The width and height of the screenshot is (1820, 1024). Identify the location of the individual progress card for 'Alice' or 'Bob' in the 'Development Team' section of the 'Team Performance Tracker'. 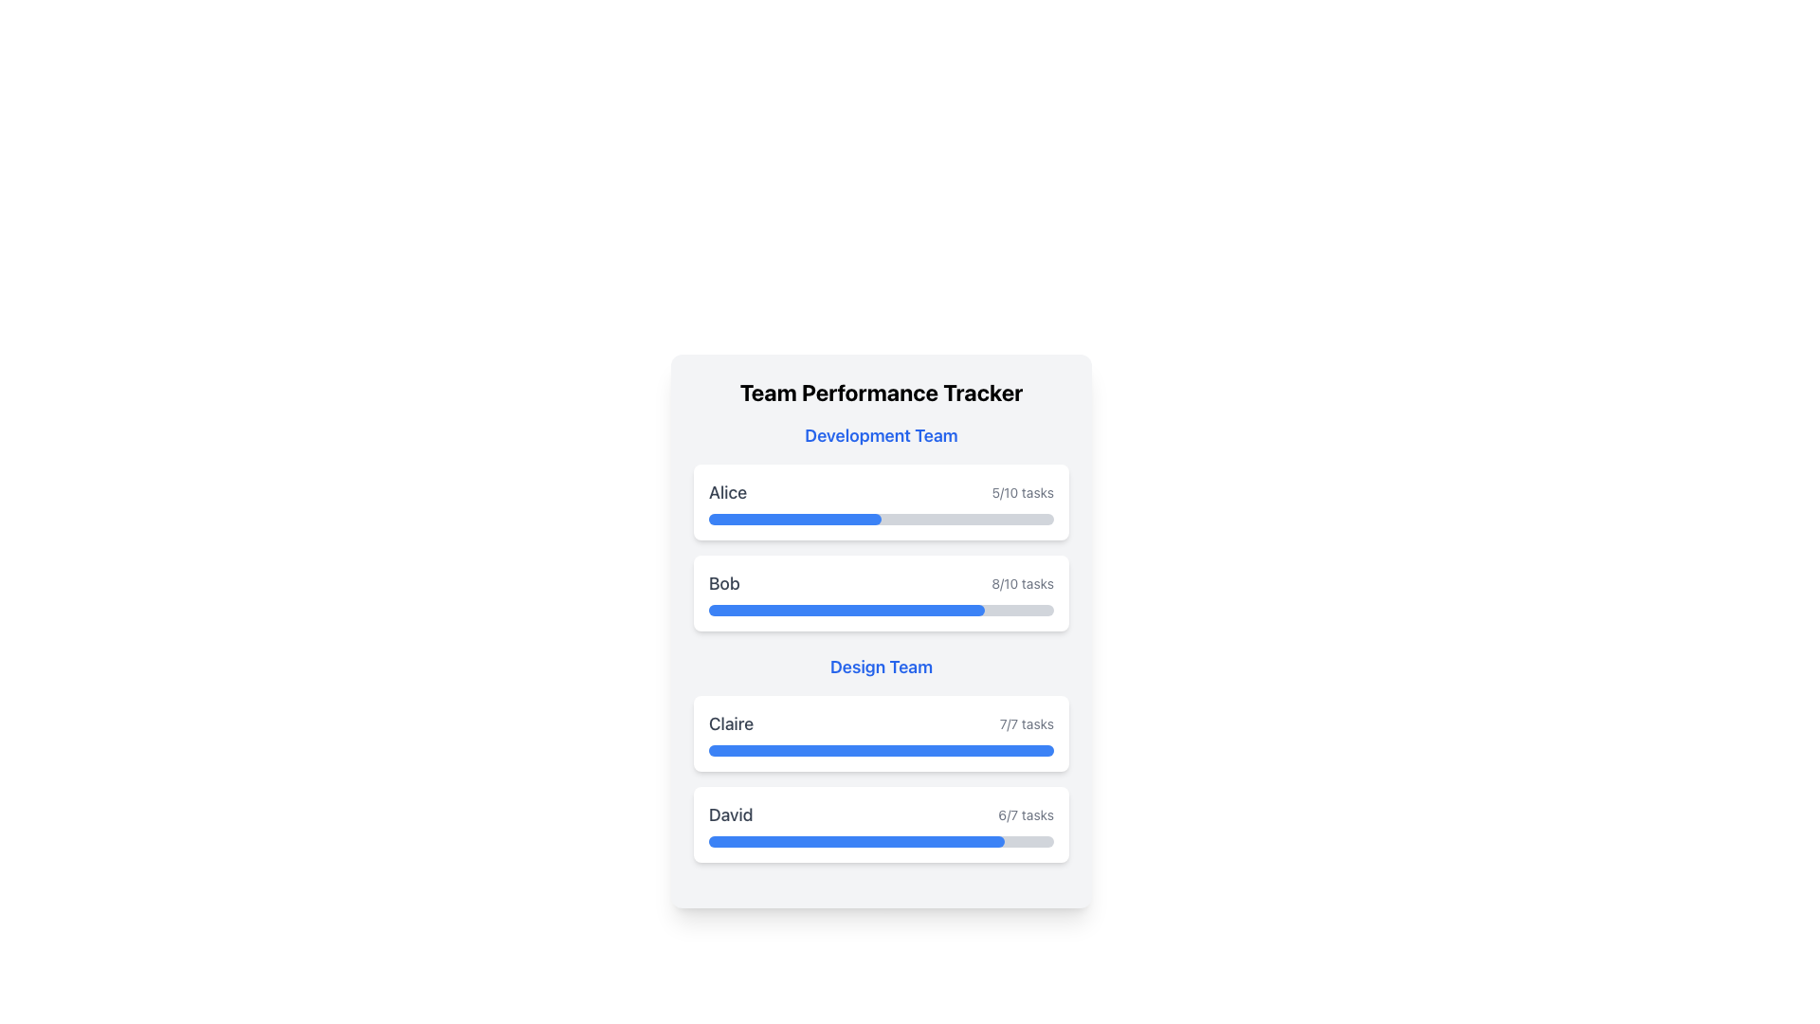
(881, 526).